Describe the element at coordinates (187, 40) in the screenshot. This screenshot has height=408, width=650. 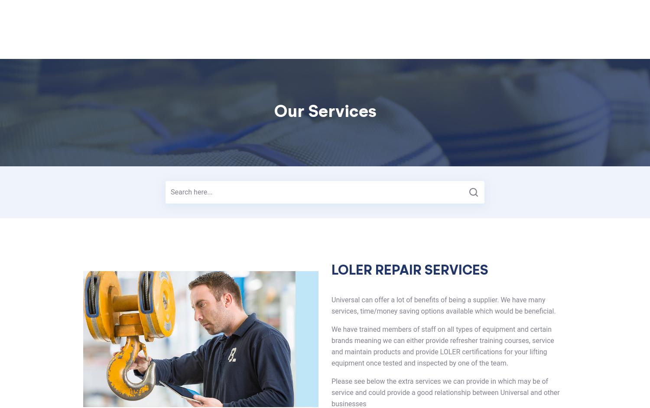
I see `'Home'` at that location.